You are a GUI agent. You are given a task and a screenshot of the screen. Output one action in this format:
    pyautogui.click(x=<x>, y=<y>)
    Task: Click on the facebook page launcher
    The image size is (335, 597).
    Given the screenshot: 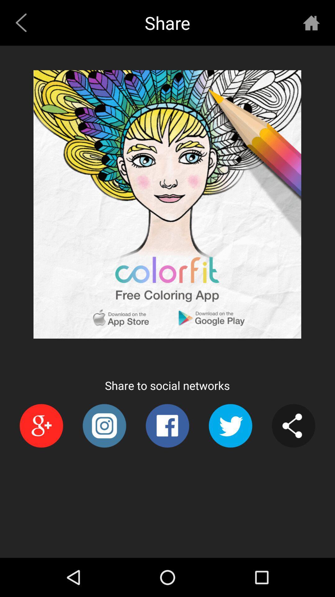 What is the action you would take?
    pyautogui.click(x=167, y=425)
    